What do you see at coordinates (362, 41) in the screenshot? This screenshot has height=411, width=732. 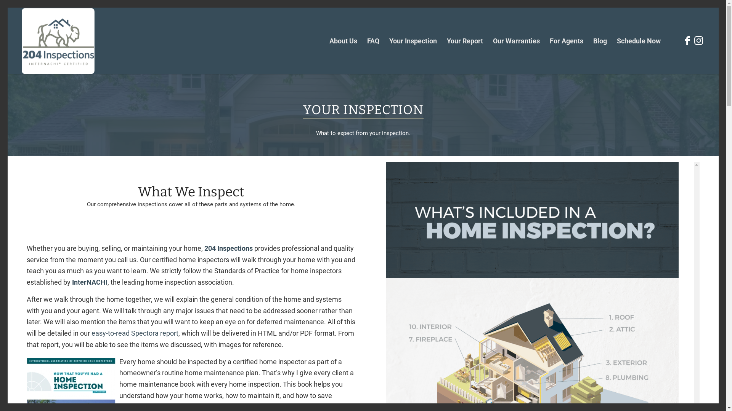 I see `'FAQ'` at bounding box center [362, 41].